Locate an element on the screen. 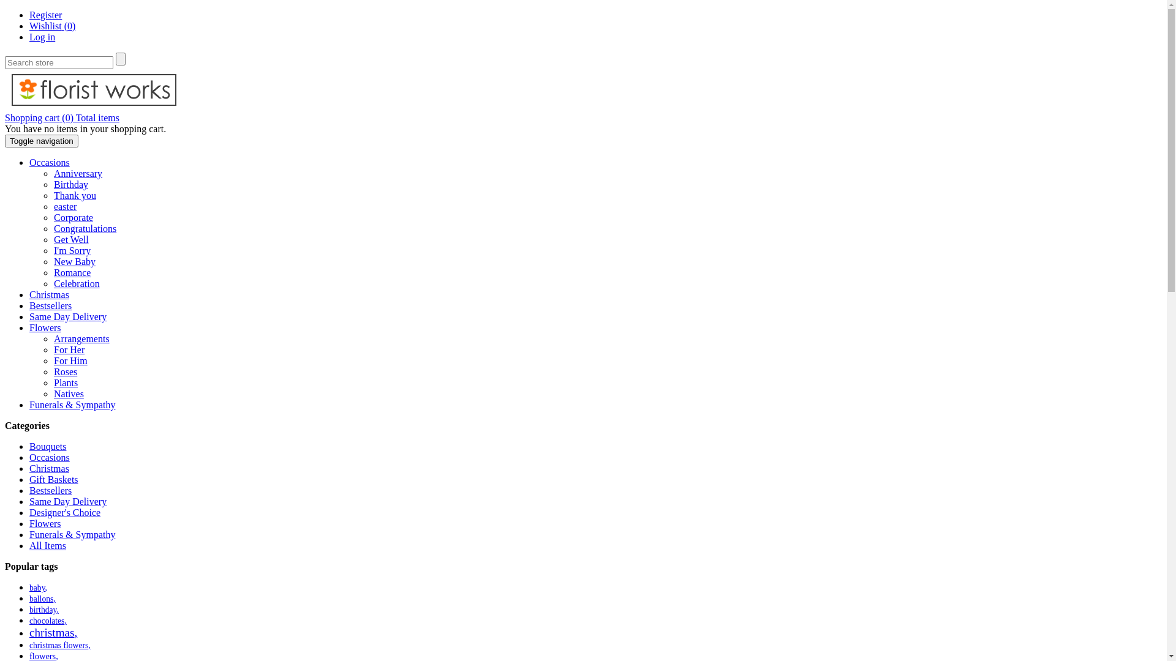 This screenshot has width=1176, height=661. 'easter' is located at coordinates (53, 206).